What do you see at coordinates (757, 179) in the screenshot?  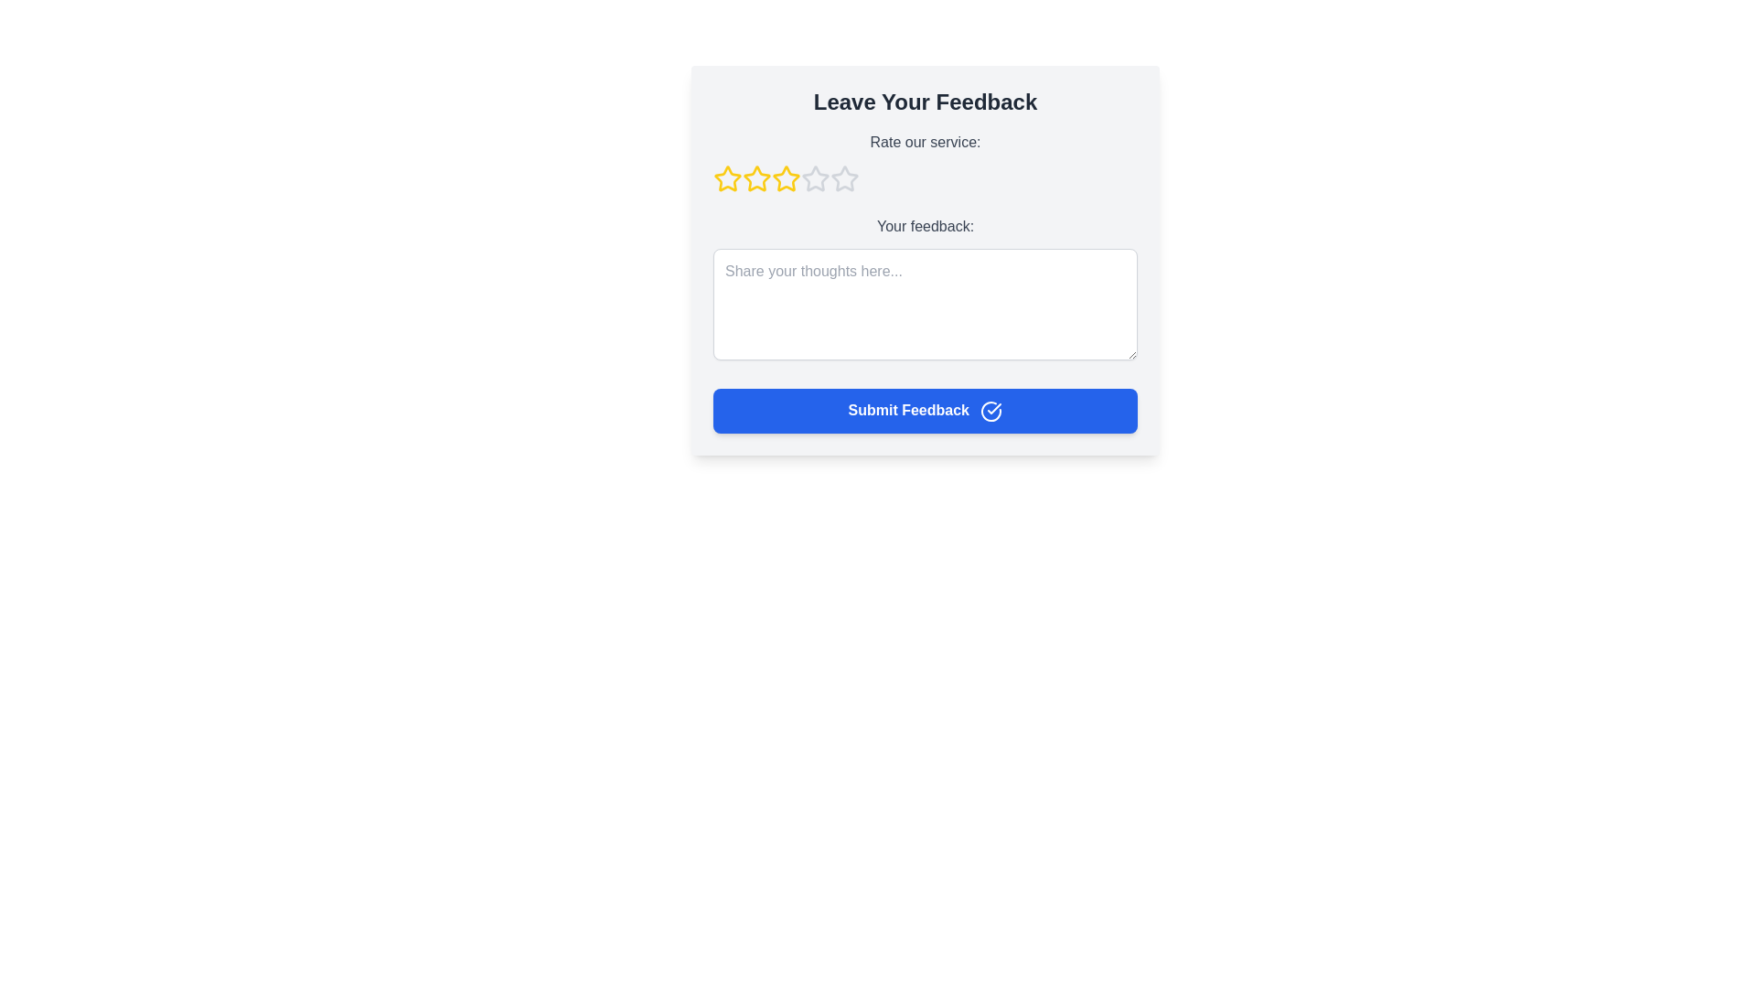 I see `the second star in the rating system under the 'Rate our service' heading` at bounding box center [757, 179].